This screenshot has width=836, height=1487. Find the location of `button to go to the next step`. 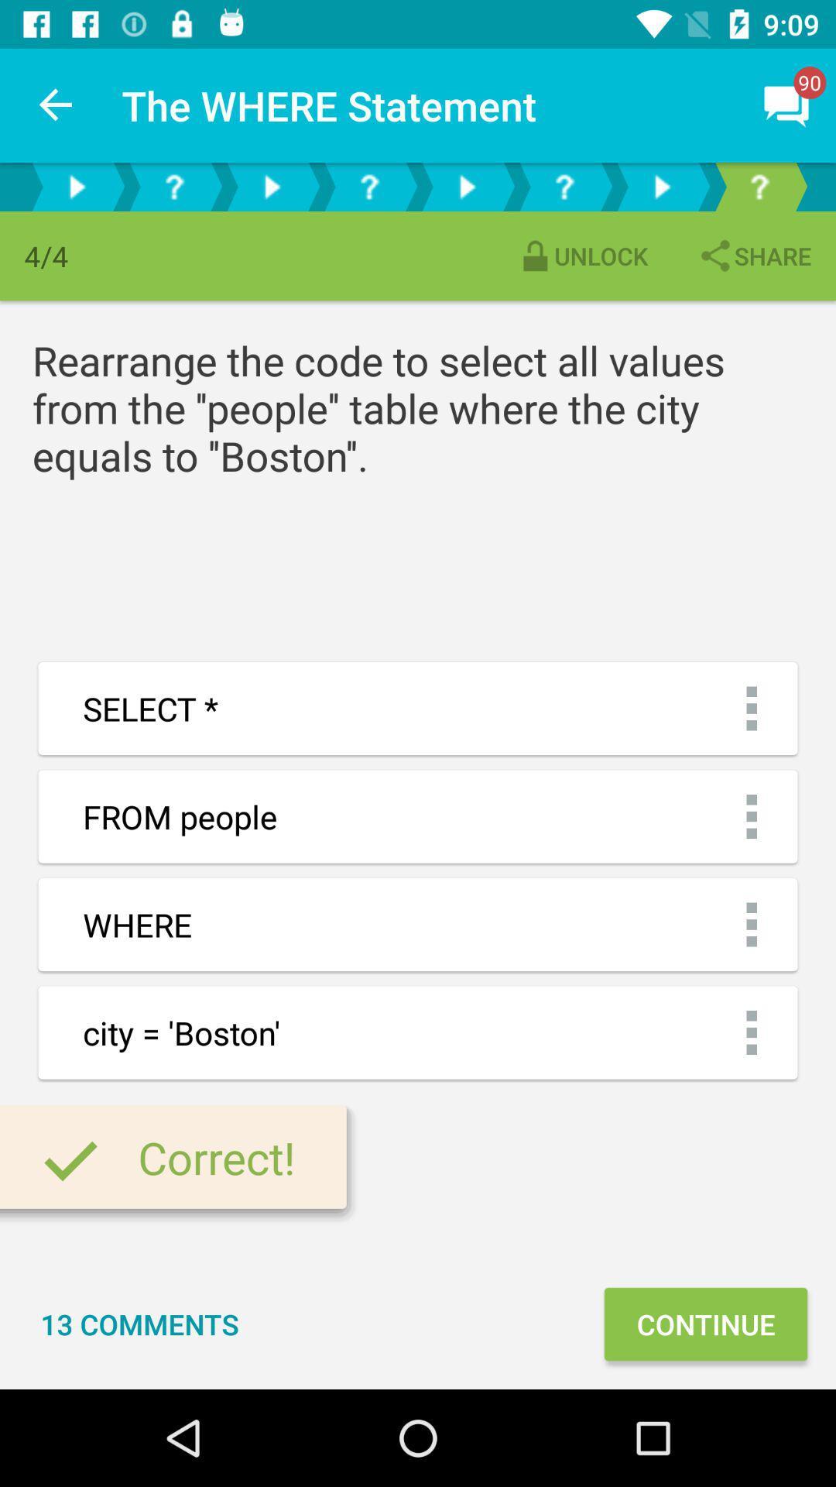

button to go to the next step is located at coordinates (77, 186).